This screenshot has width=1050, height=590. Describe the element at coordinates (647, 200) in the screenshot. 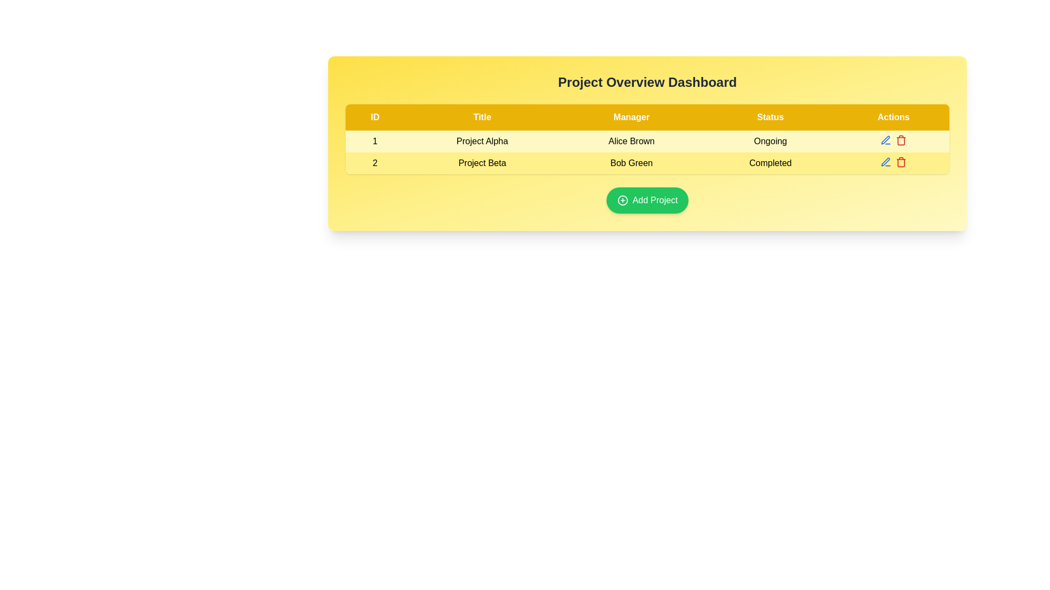

I see `the green rounded button with a plus sign icon and 'Add Project' text to initiate adding a project` at that location.